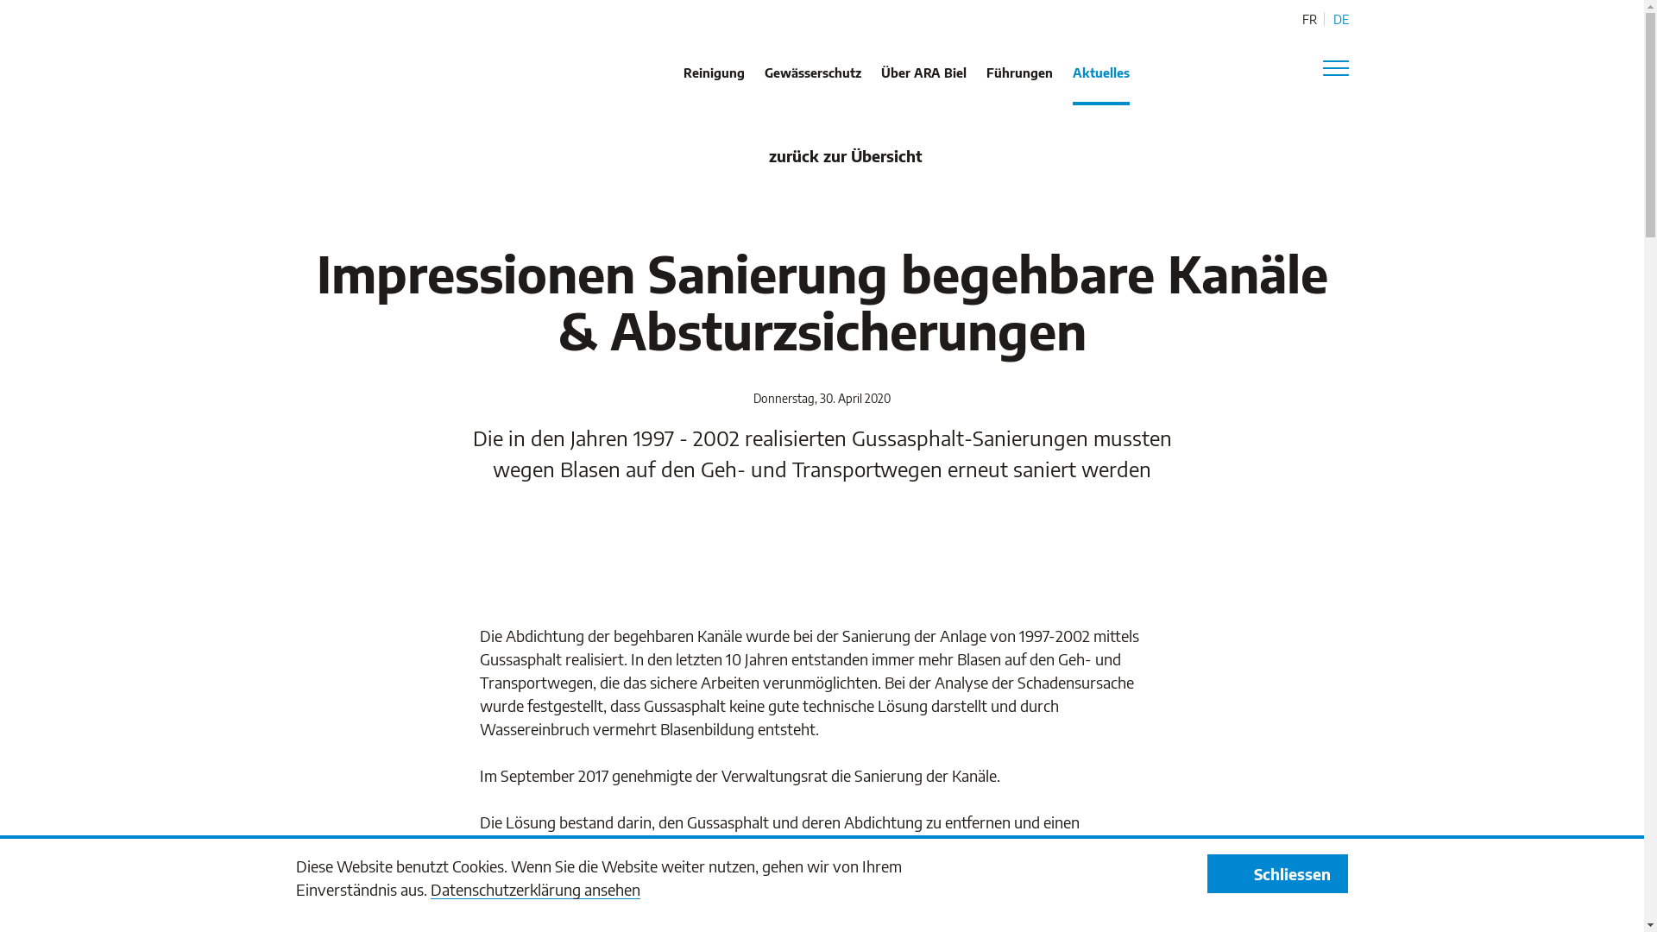 The height and width of the screenshot is (932, 1657). What do you see at coordinates (714, 85) in the screenshot?
I see `'Reinigung'` at bounding box center [714, 85].